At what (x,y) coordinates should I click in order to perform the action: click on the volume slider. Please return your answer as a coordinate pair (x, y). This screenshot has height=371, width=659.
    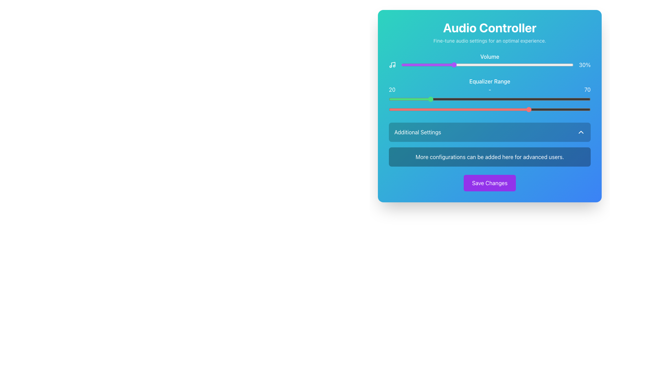
    Looking at the image, I should click on (441, 65).